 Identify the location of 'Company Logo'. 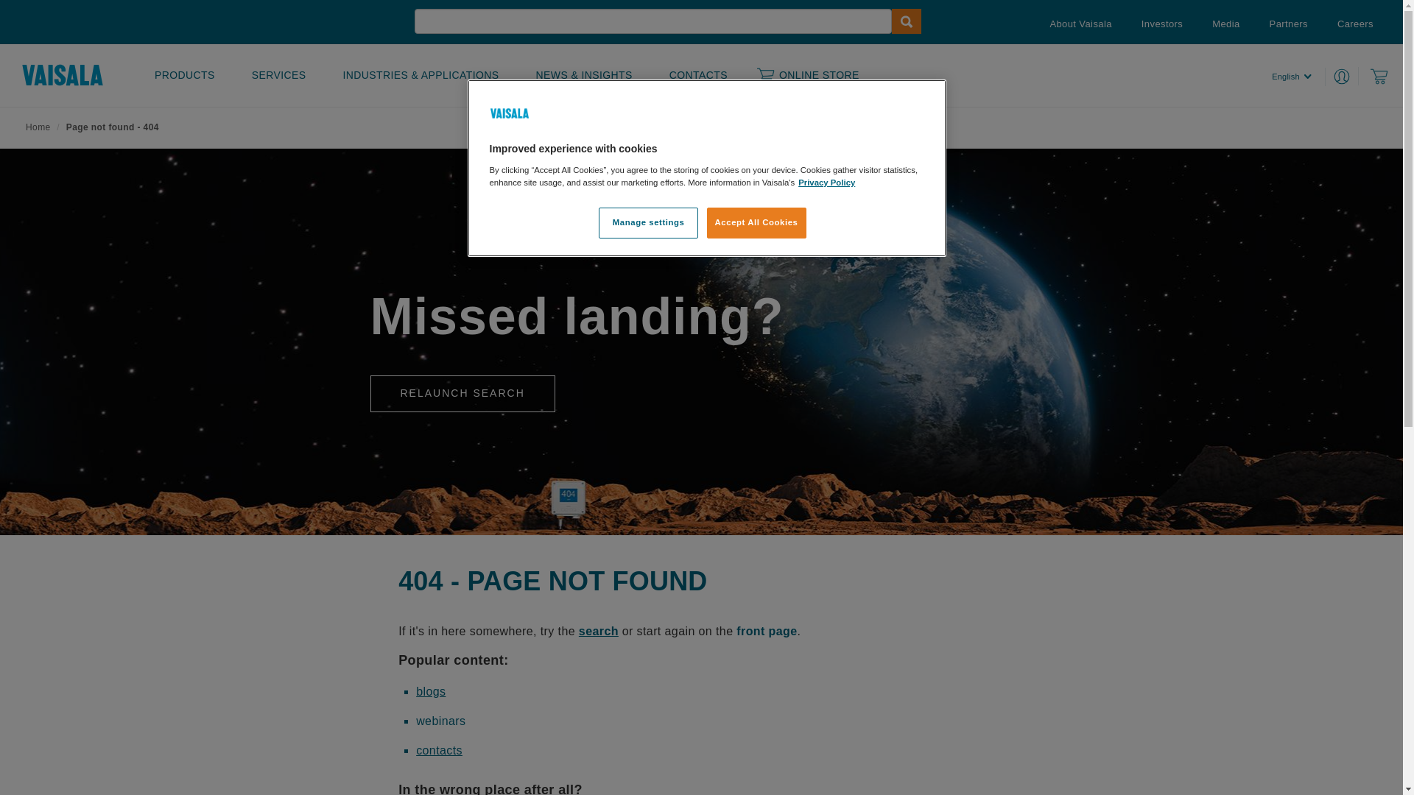
(486, 113).